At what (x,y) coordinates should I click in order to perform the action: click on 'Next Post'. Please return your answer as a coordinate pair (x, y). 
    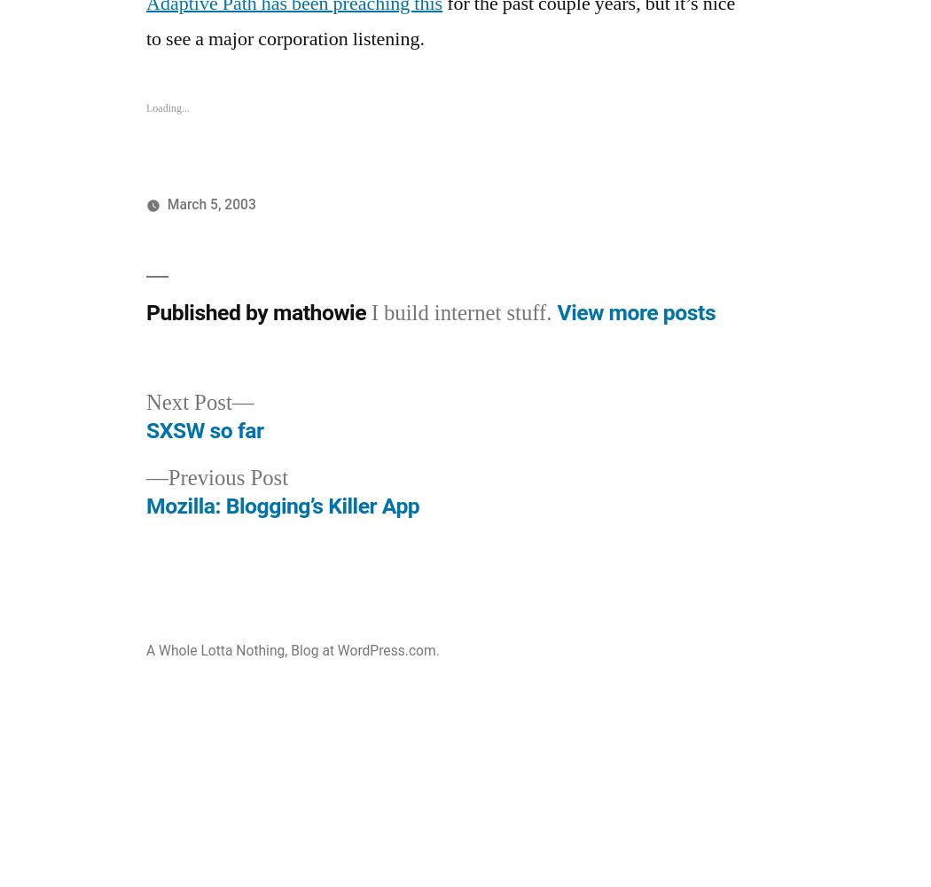
    Looking at the image, I should click on (188, 402).